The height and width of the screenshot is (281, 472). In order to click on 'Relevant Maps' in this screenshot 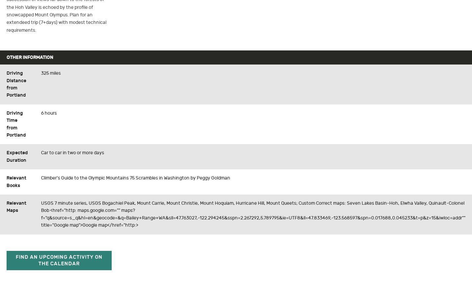, I will do `click(16, 206)`.